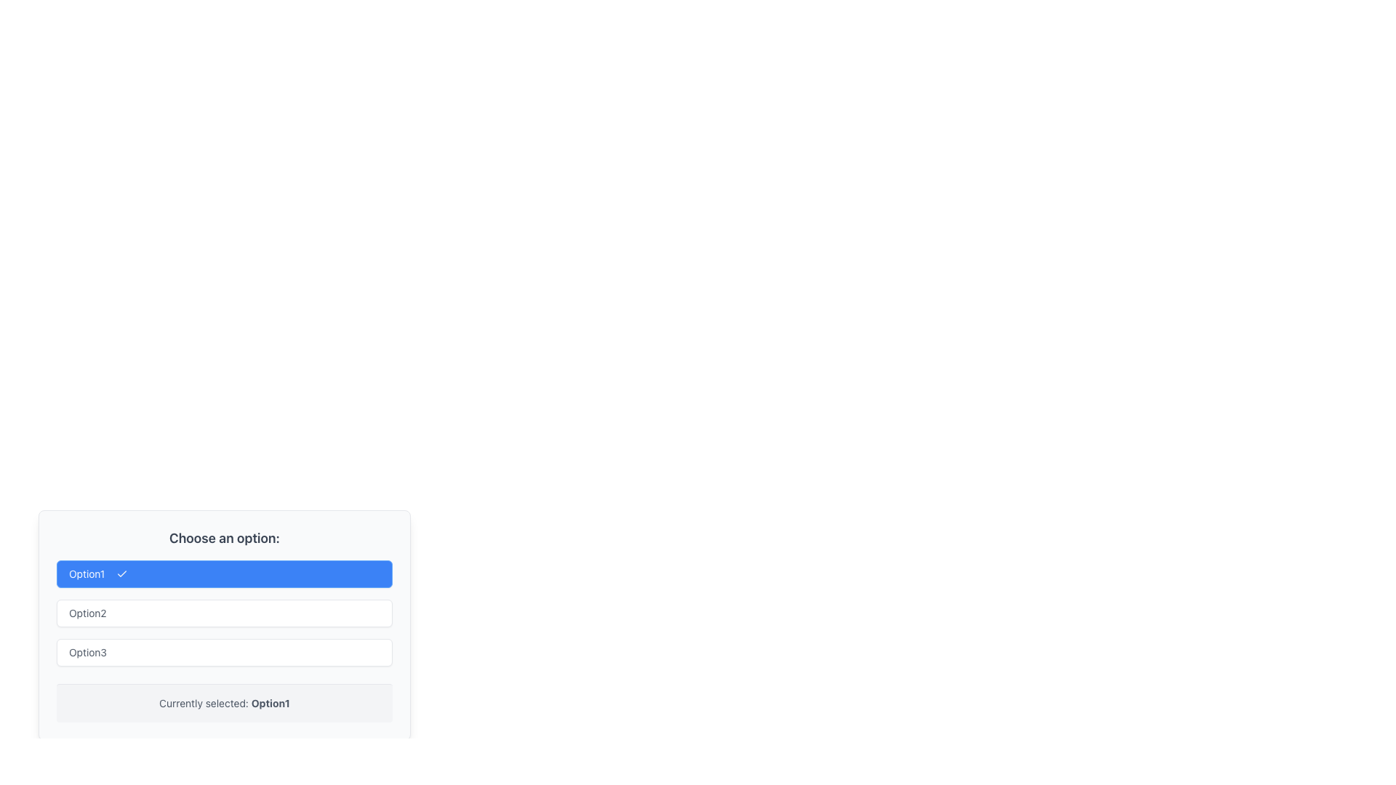  I want to click on the text element displaying 'Option1' which indicates the currently selected option in the dropdown menu, so click(270, 702).